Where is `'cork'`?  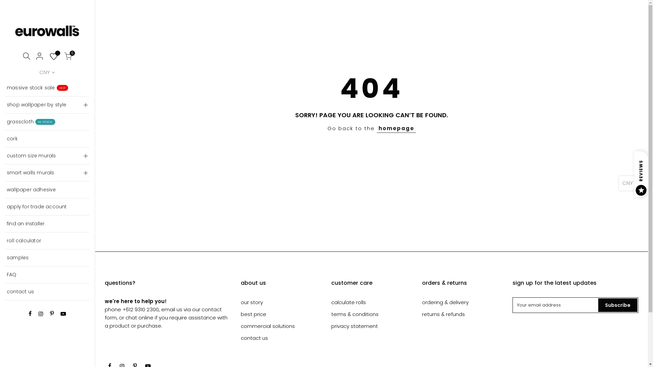 'cork' is located at coordinates (47, 138).